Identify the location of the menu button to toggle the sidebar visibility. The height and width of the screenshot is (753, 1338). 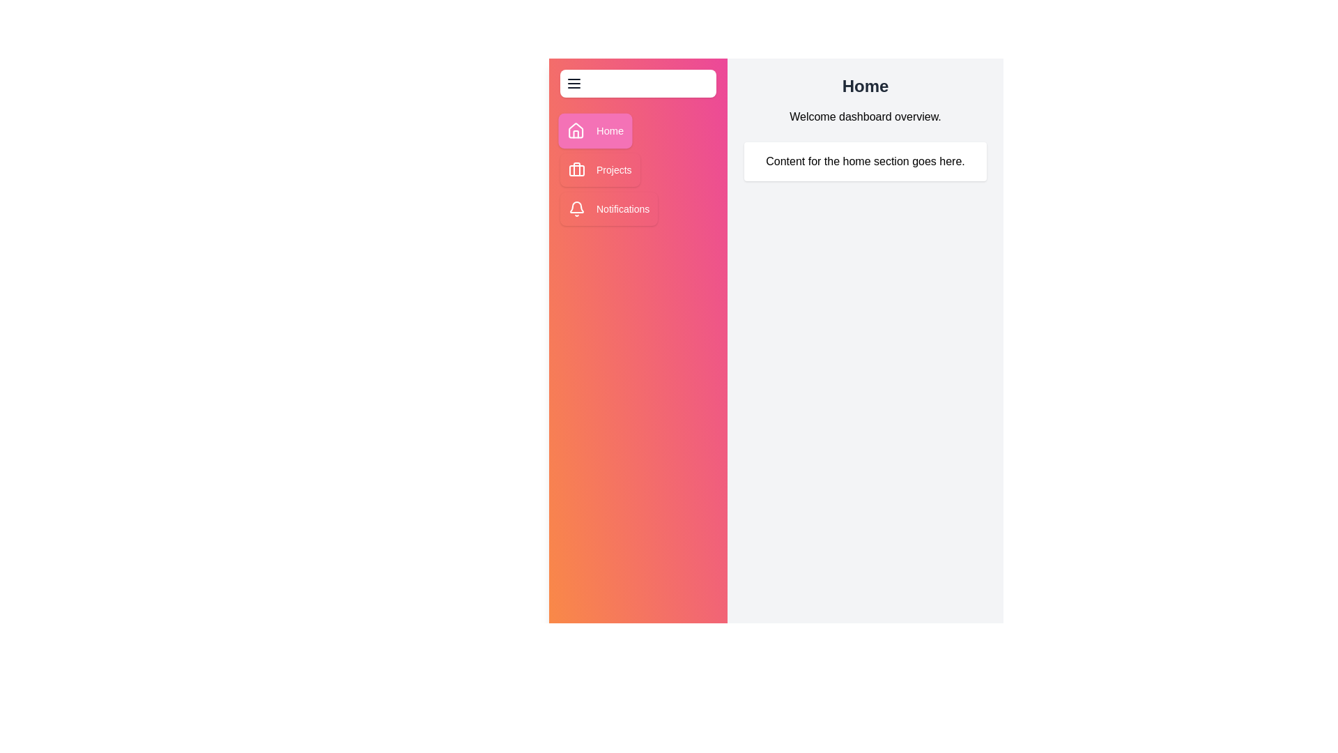
(638, 83).